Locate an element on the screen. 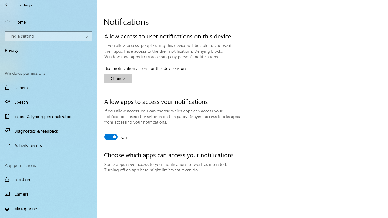  'General' is located at coordinates (48, 87).